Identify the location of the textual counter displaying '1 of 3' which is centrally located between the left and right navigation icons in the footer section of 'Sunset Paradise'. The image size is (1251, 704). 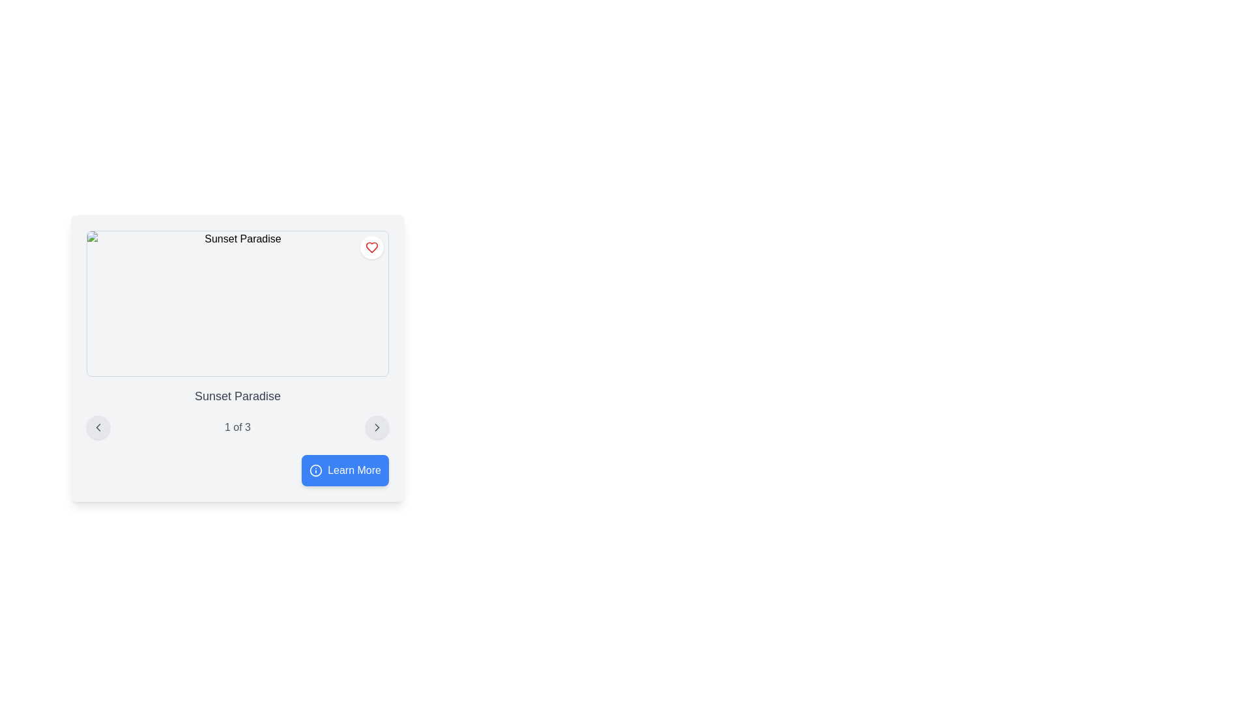
(237, 427).